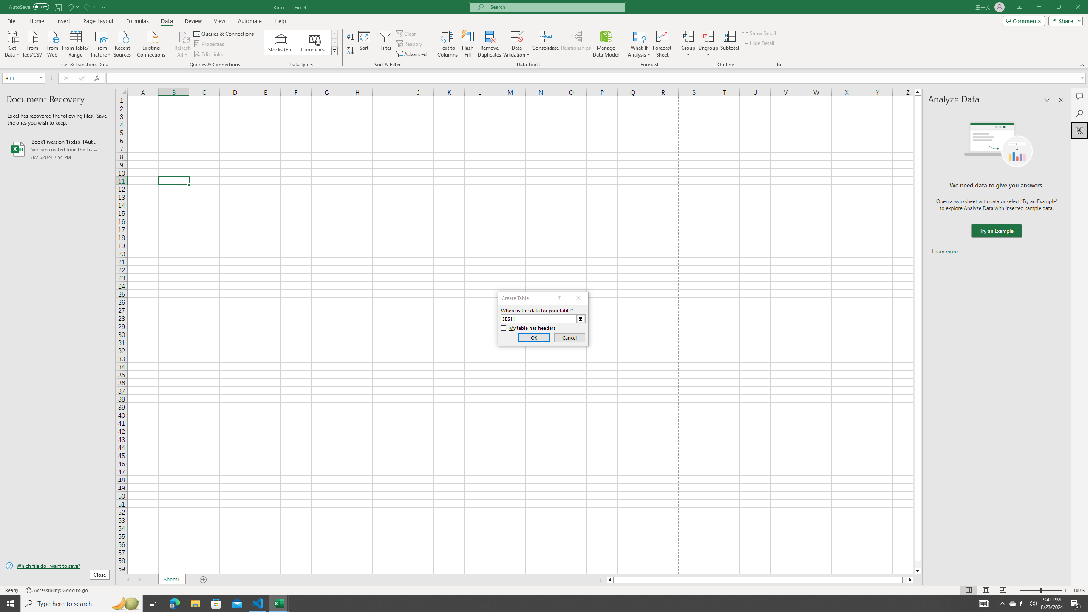  I want to click on 'Automate', so click(249, 21).